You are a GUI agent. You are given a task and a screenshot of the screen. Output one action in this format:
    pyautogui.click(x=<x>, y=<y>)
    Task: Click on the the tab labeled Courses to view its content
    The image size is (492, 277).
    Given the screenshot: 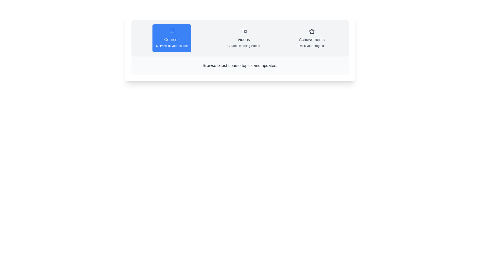 What is the action you would take?
    pyautogui.click(x=172, y=38)
    